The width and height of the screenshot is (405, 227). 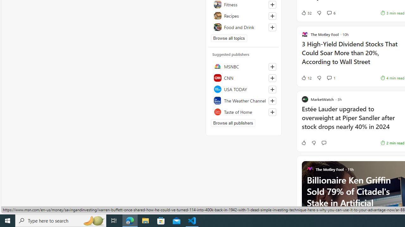 I want to click on 'Browse all publishers', so click(x=233, y=123).